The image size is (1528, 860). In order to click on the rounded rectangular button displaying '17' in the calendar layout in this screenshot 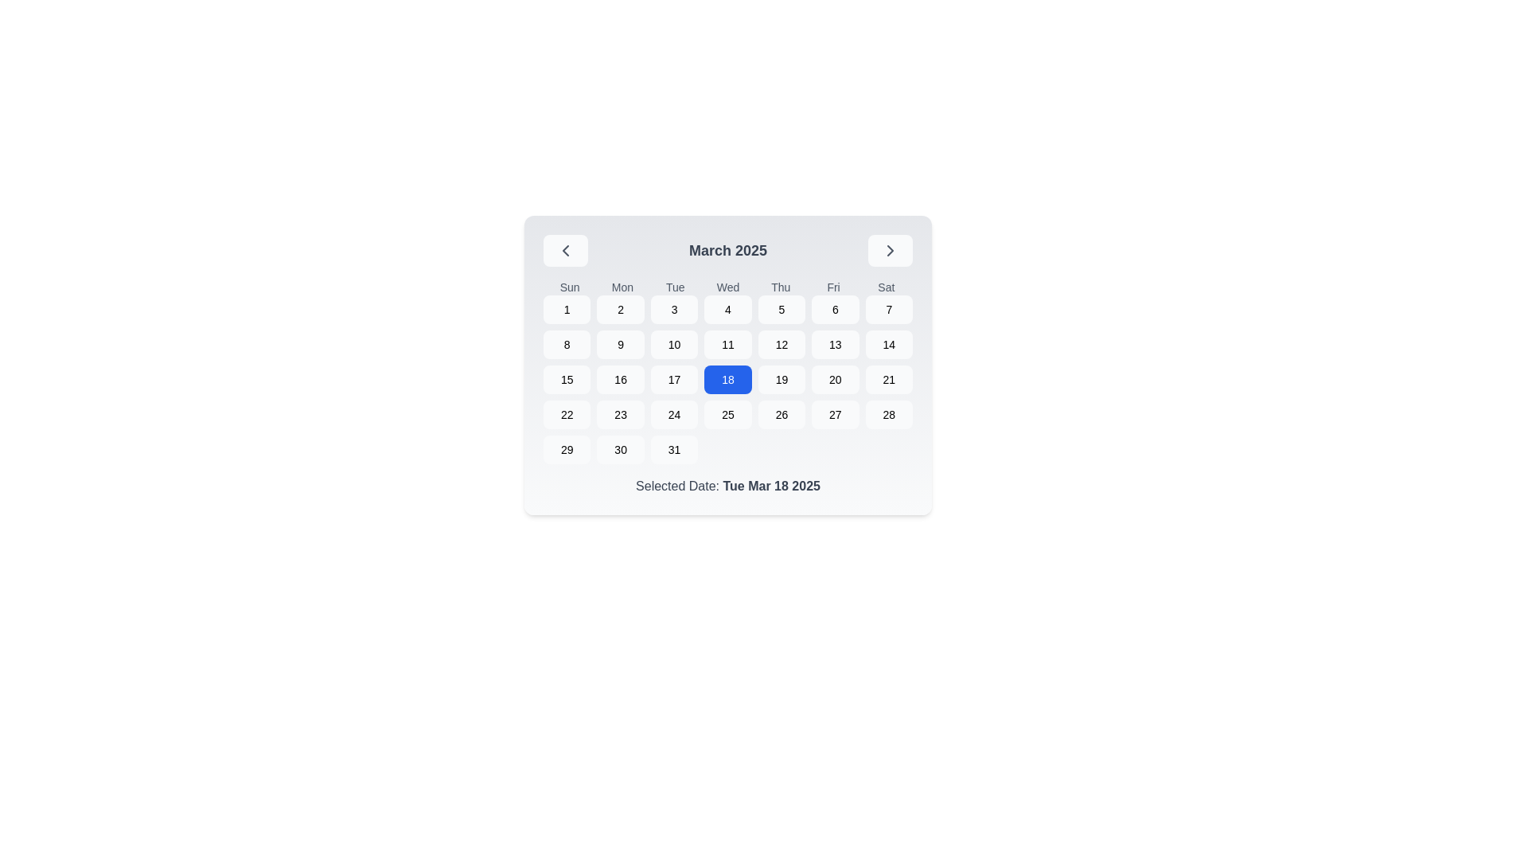, I will do `click(674, 380)`.